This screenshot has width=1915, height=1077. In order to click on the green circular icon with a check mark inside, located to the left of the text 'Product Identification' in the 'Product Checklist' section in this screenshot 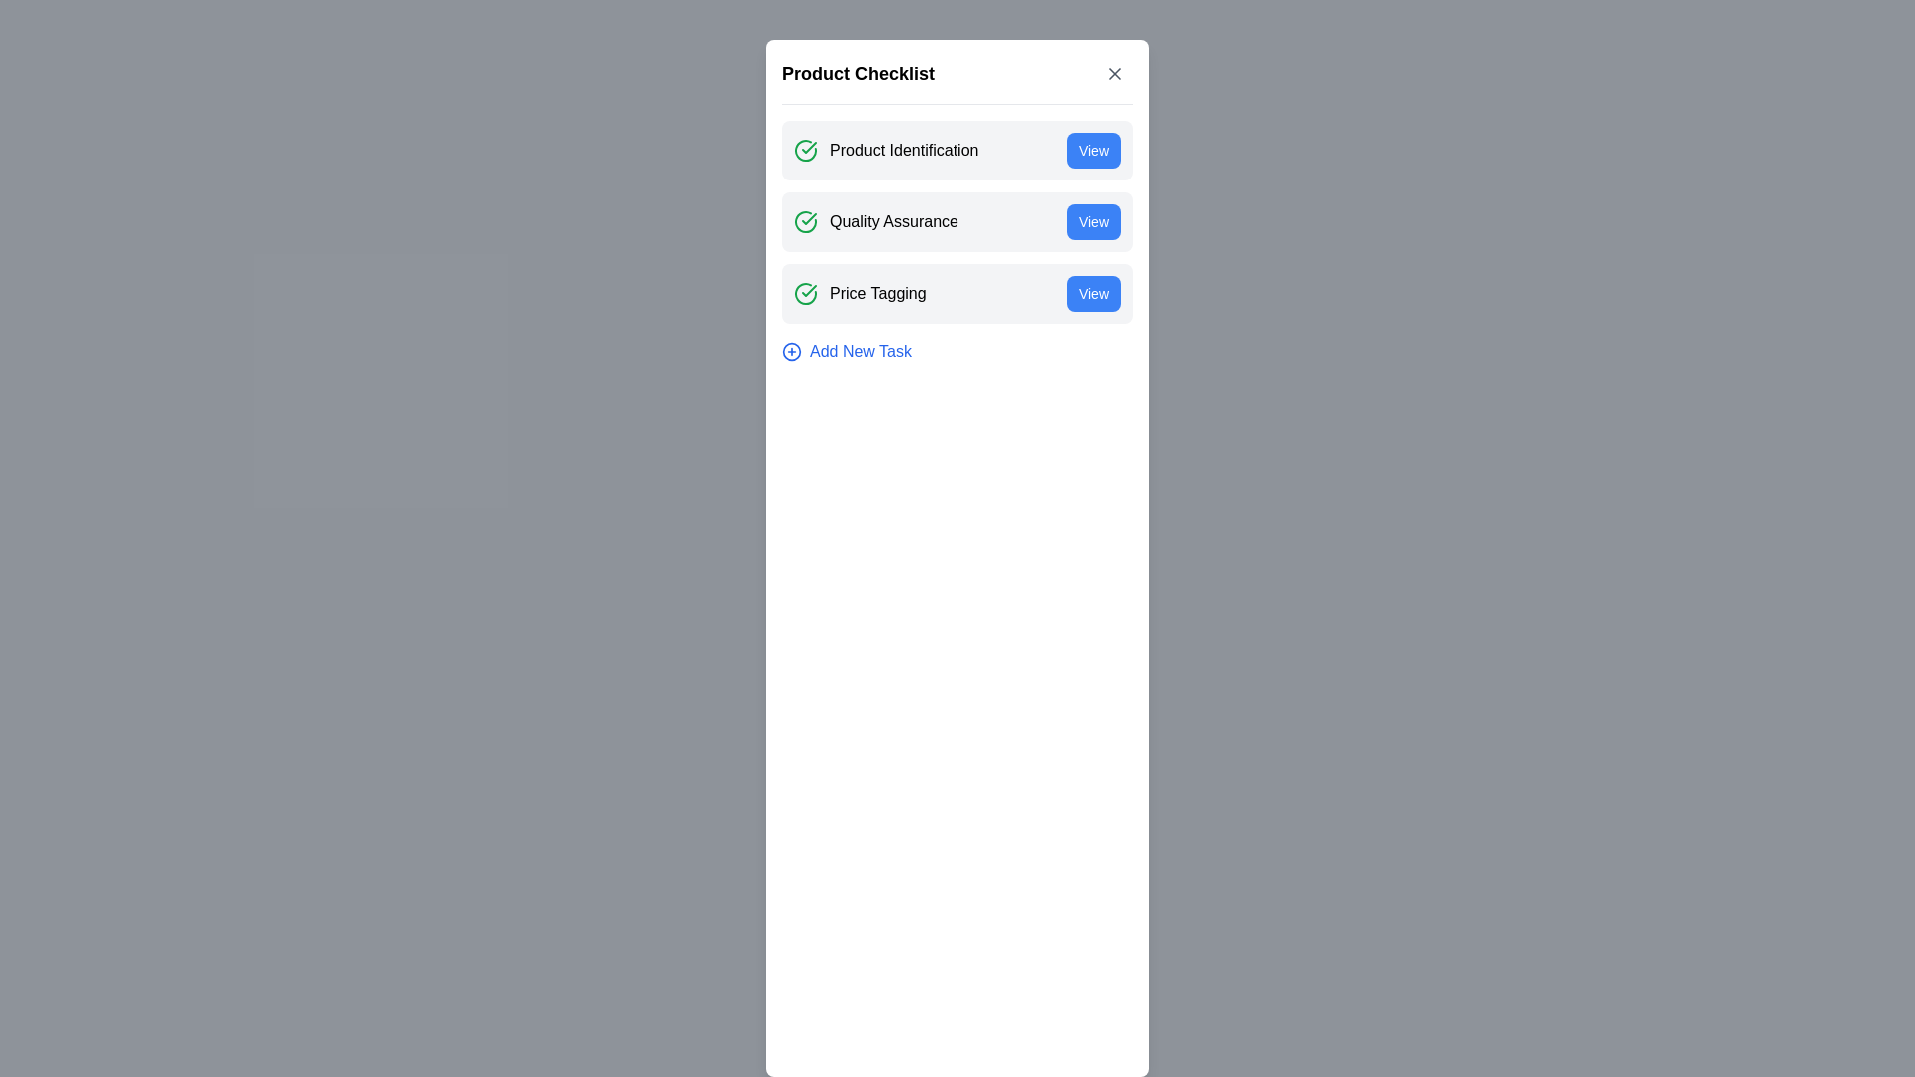, I will do `click(805, 149)`.